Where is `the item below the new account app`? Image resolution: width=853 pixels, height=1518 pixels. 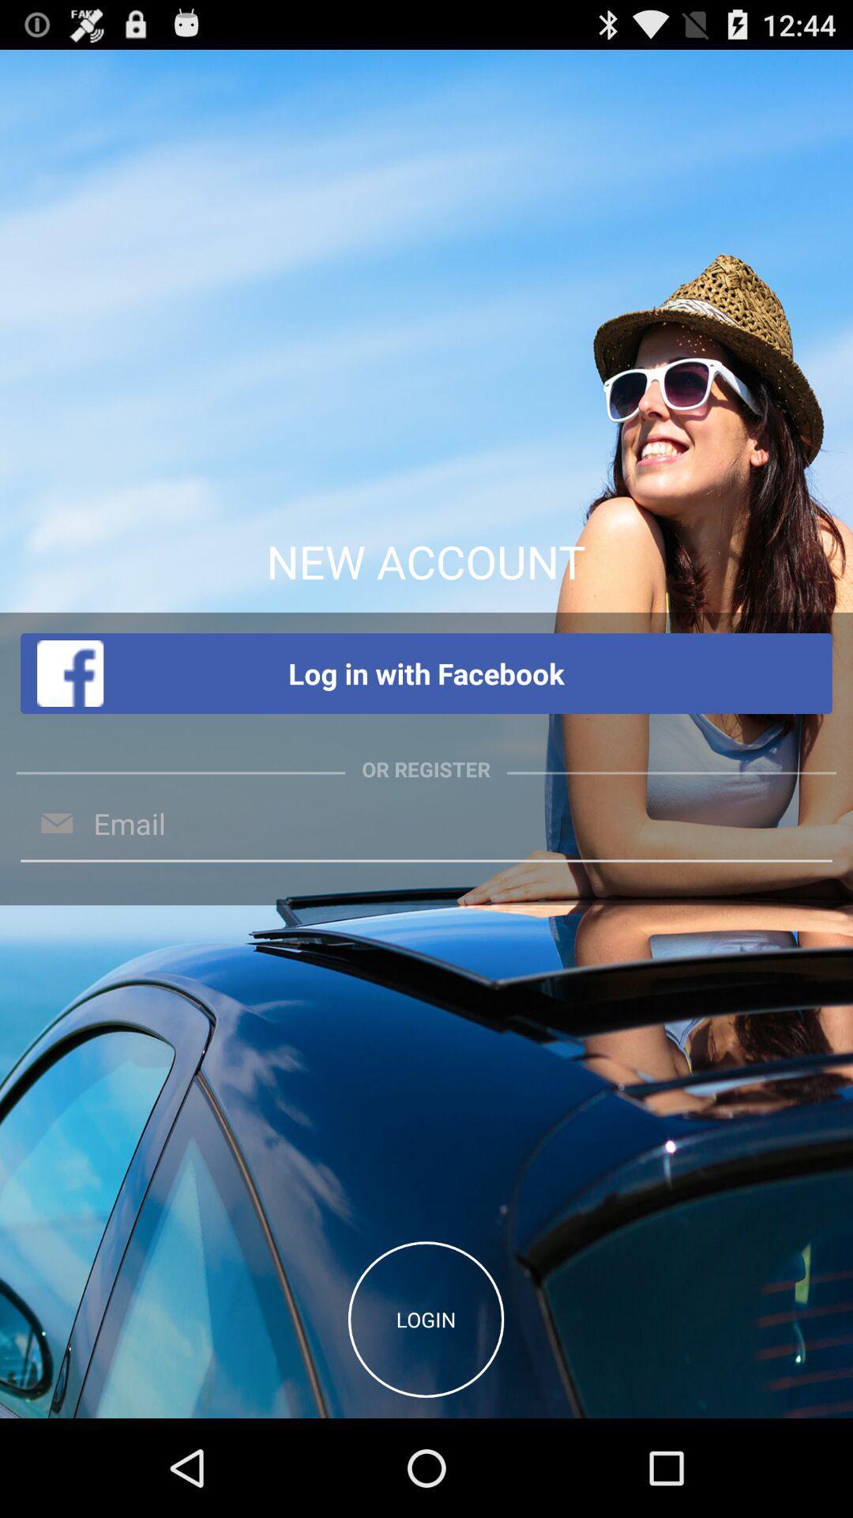
the item below the new account app is located at coordinates (426, 674).